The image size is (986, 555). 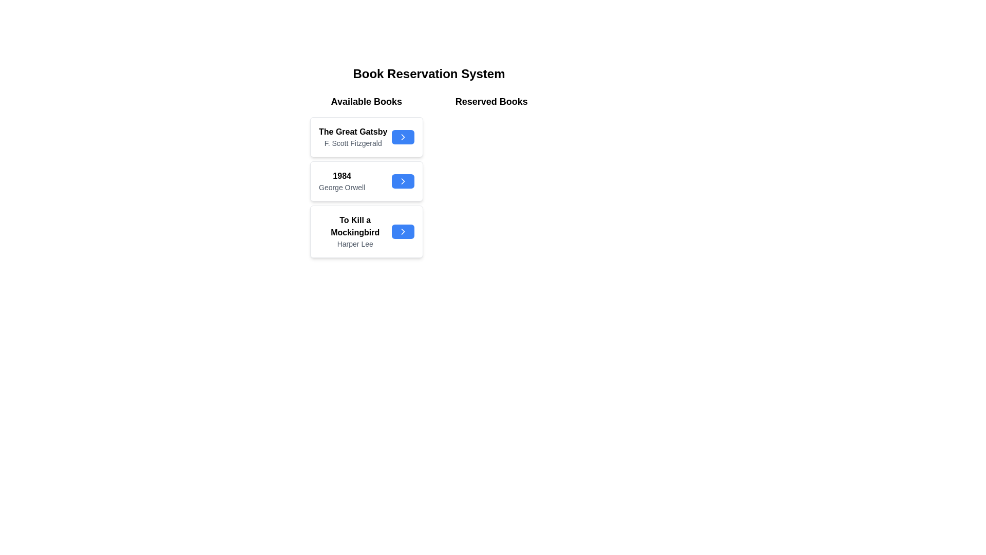 I want to click on the text block displaying the book title '1984' by 'George Orwell' which is styled with bold text and smaller grayish font, located in the second item of the 'Available Books' list, so click(x=342, y=181).